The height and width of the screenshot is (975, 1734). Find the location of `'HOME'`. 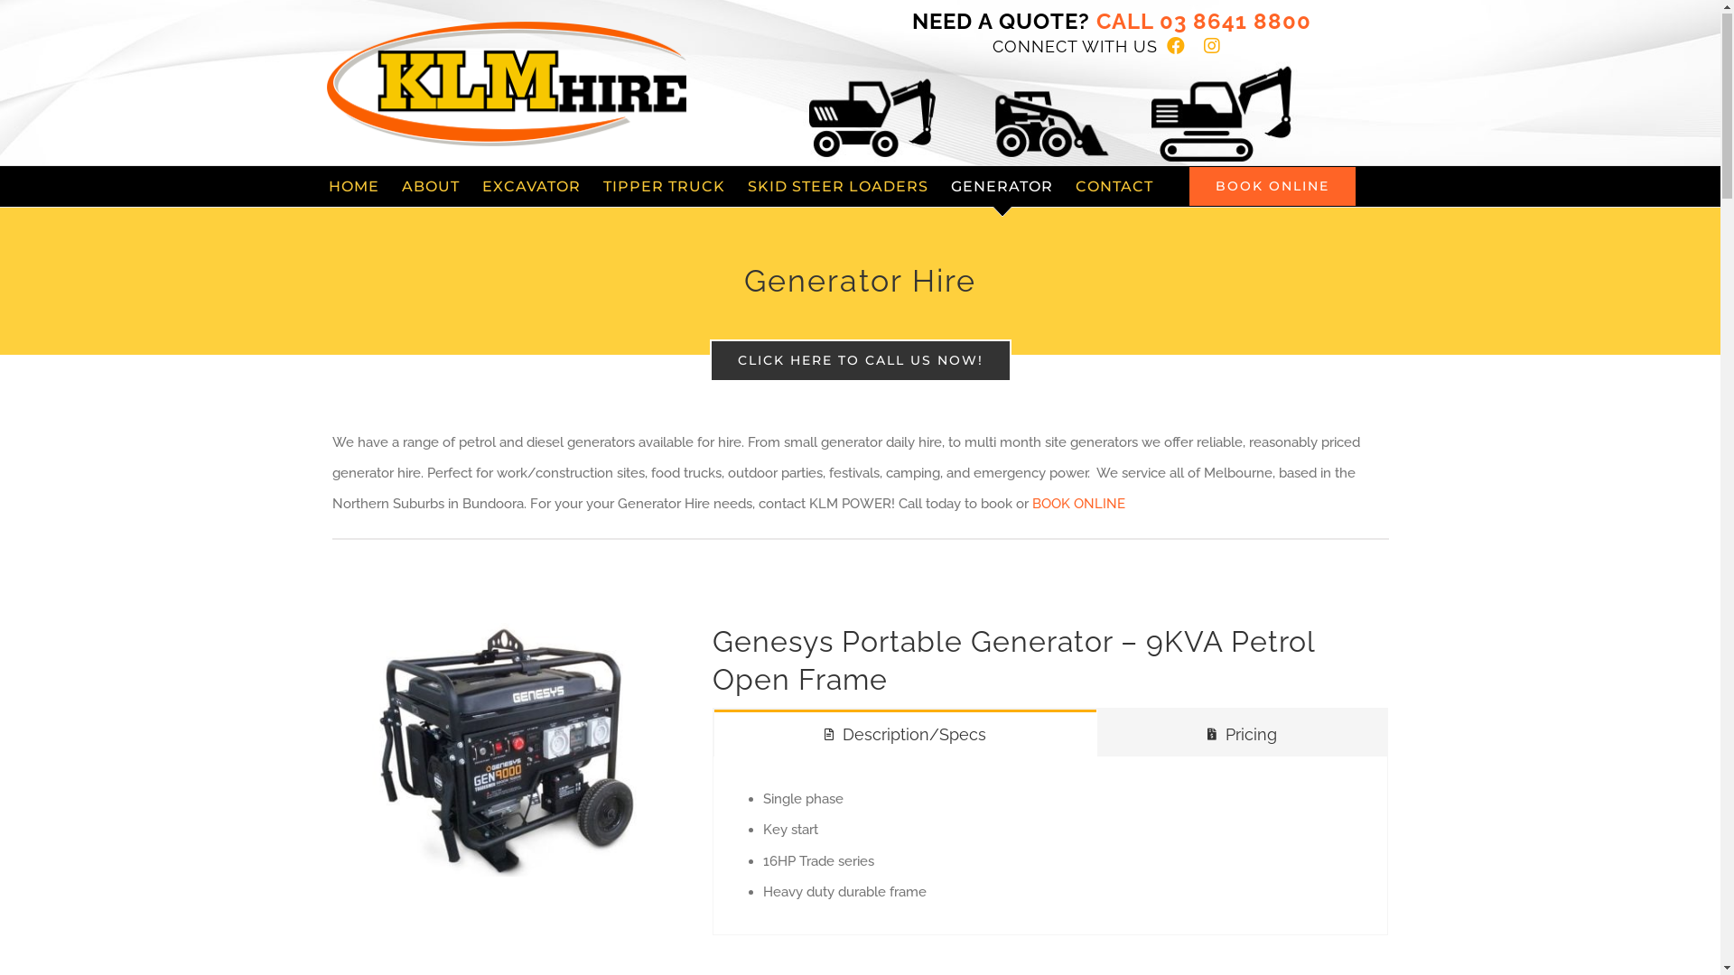

'HOME' is located at coordinates (354, 187).